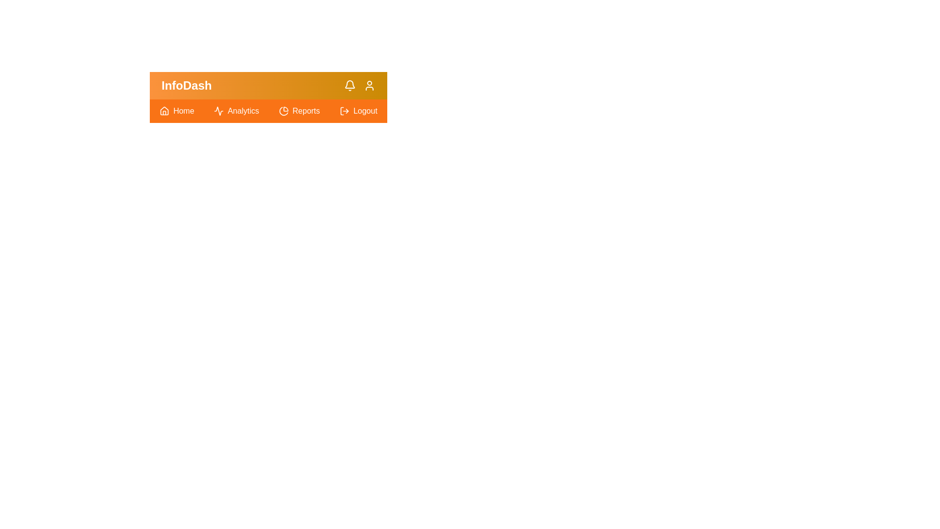  Describe the element at coordinates (369, 85) in the screenshot. I see `the user icon to access user settings` at that location.